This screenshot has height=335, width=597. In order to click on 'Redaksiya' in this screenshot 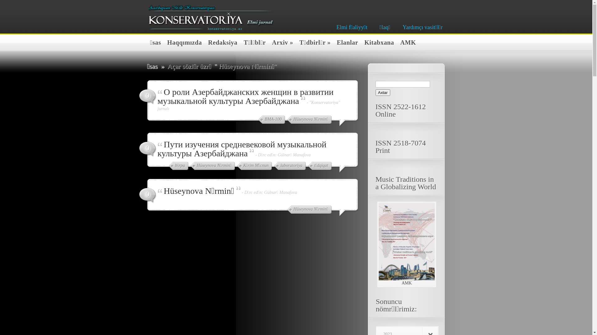, I will do `click(221, 43)`.